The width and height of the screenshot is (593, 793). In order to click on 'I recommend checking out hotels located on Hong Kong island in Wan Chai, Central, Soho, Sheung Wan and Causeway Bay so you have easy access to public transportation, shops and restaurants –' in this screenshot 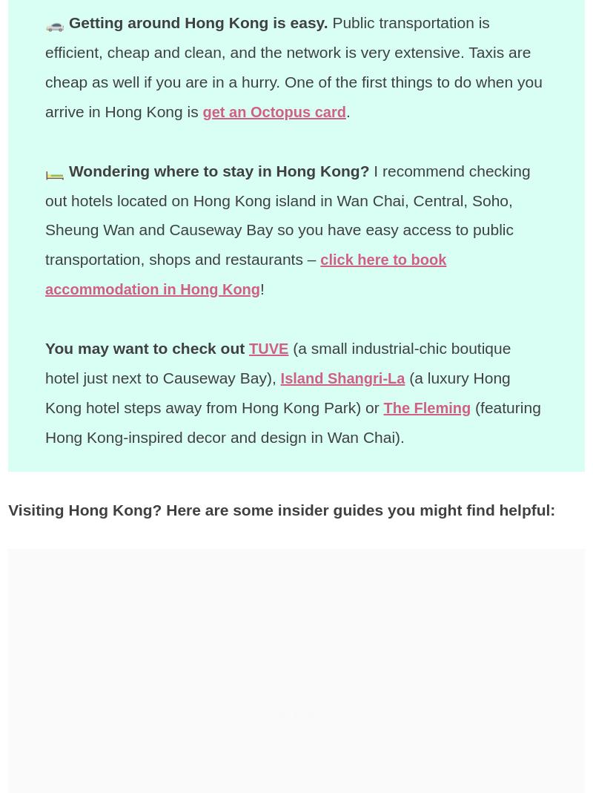, I will do `click(287, 214)`.